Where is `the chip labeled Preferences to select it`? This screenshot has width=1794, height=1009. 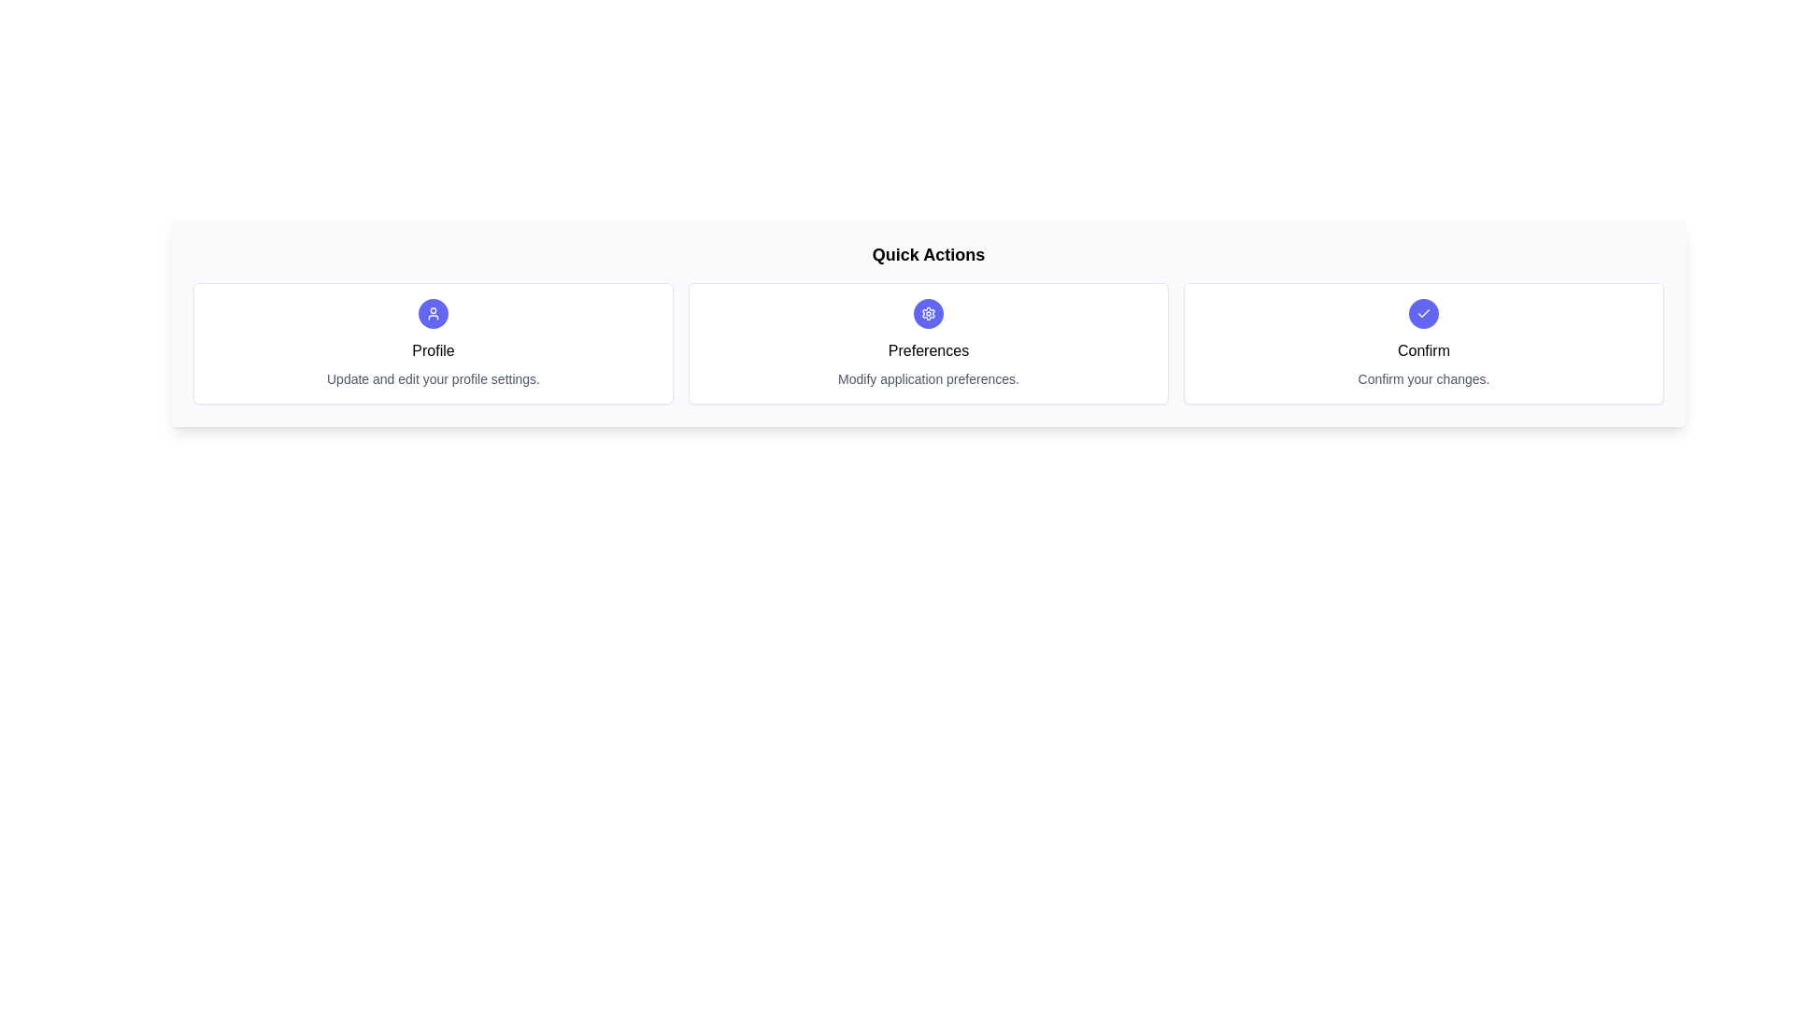
the chip labeled Preferences to select it is located at coordinates (928, 343).